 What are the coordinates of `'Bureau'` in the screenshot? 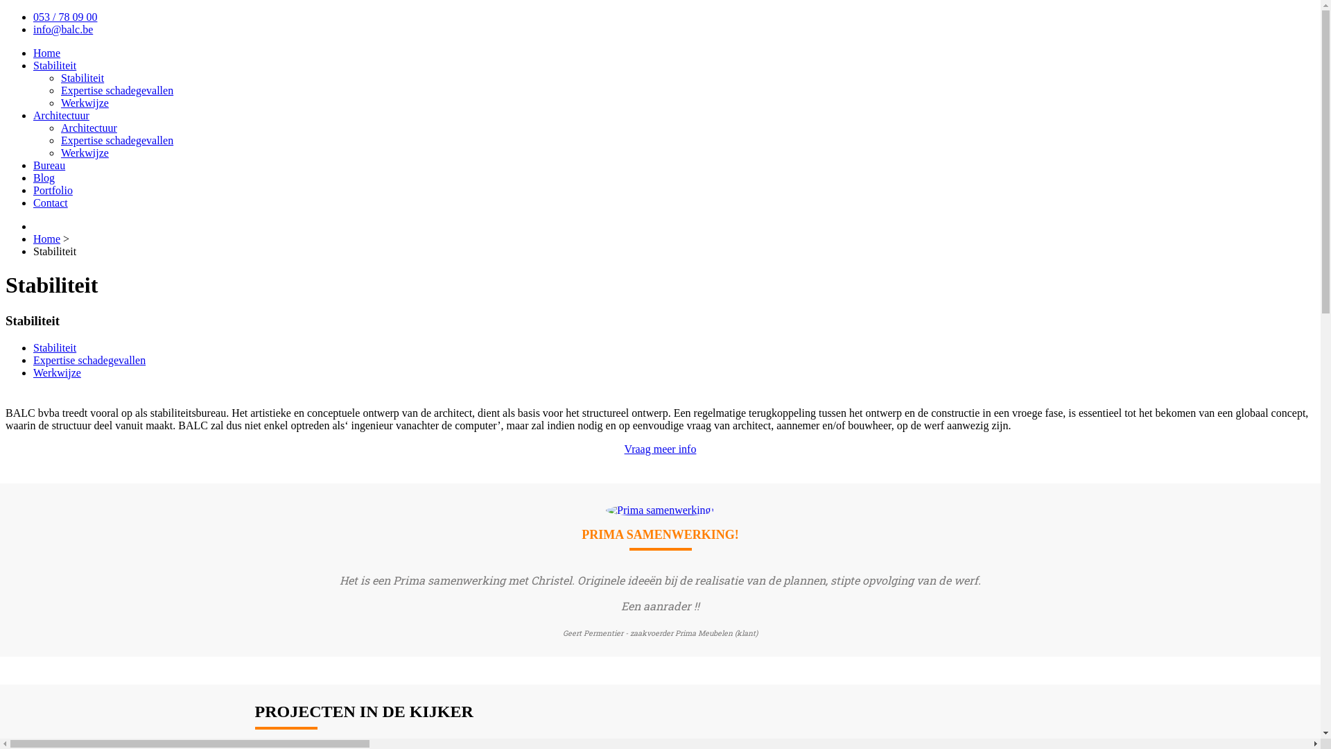 It's located at (49, 164).